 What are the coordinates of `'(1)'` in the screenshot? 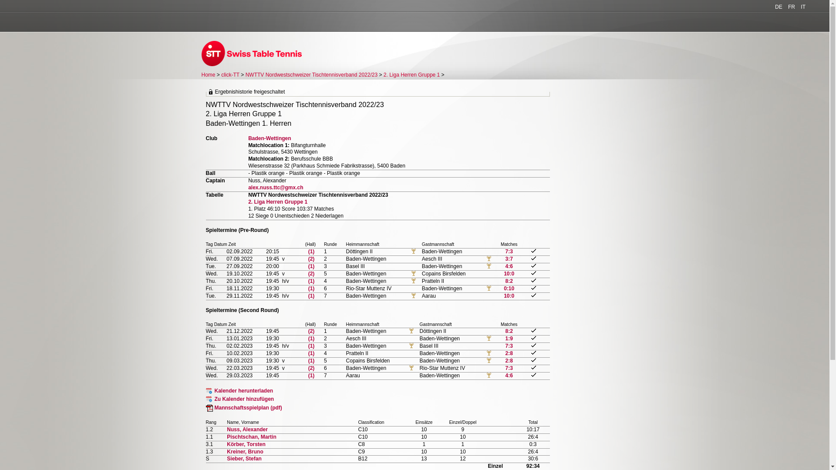 It's located at (311, 338).